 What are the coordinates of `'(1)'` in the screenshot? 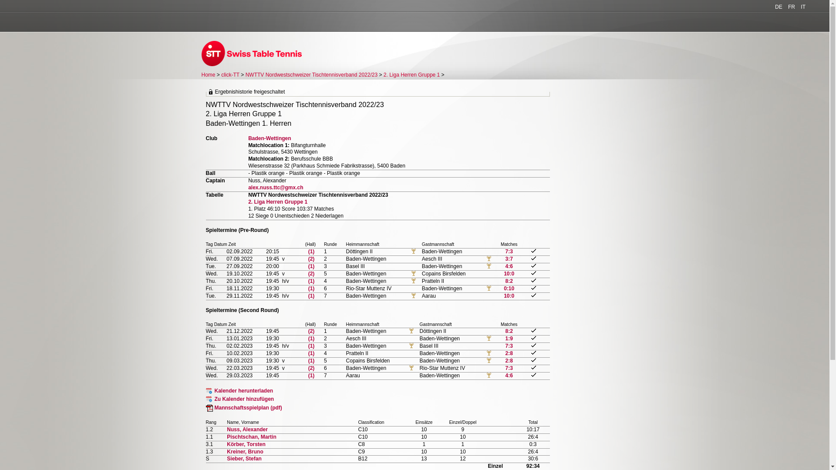 It's located at (311, 338).